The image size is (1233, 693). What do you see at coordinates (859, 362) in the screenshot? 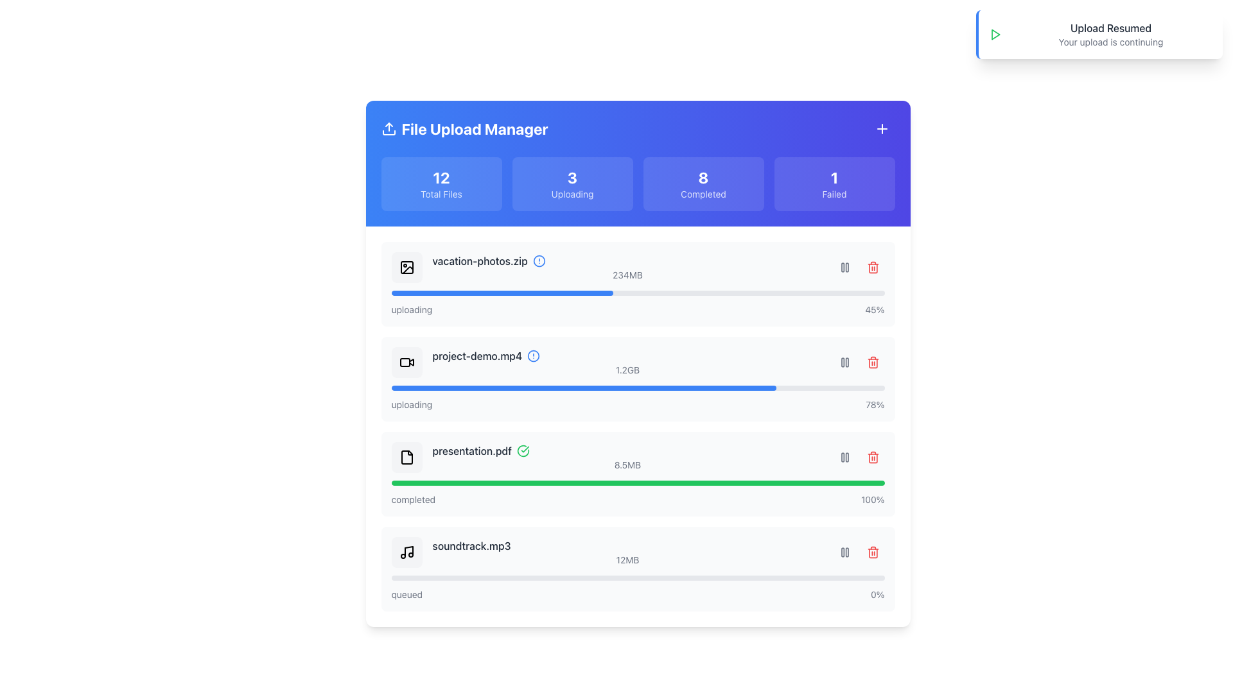
I see `the pause button located on the right-hand side of the row associated with the file 'project-demo.mp4'` at bounding box center [859, 362].